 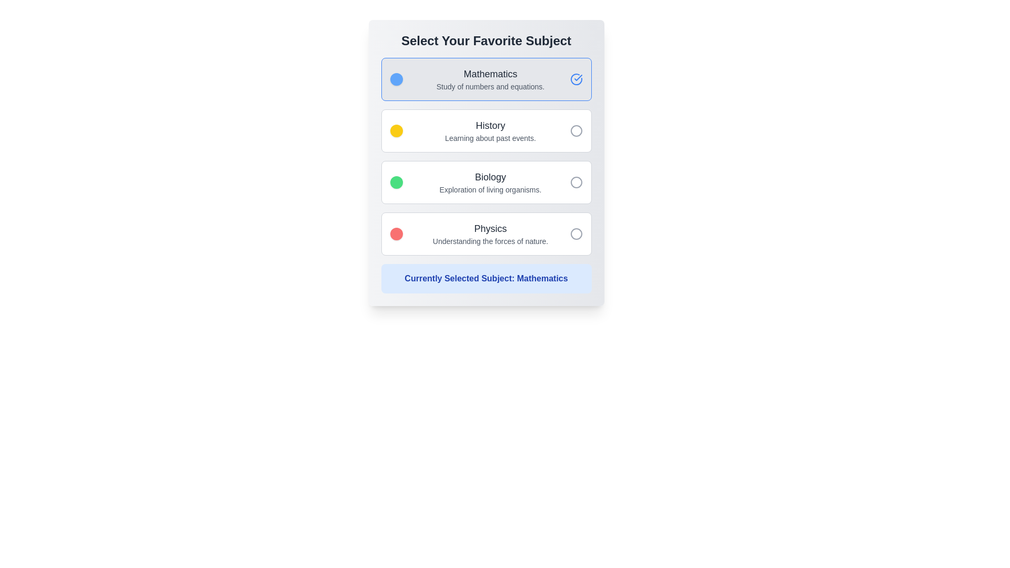 What do you see at coordinates (490, 182) in the screenshot?
I see `the text display element that reads 'Biology' in bold and 'Exploration of living organisms' in smaller gray text, which is located in the third row of a vertically stacked card-style list` at bounding box center [490, 182].